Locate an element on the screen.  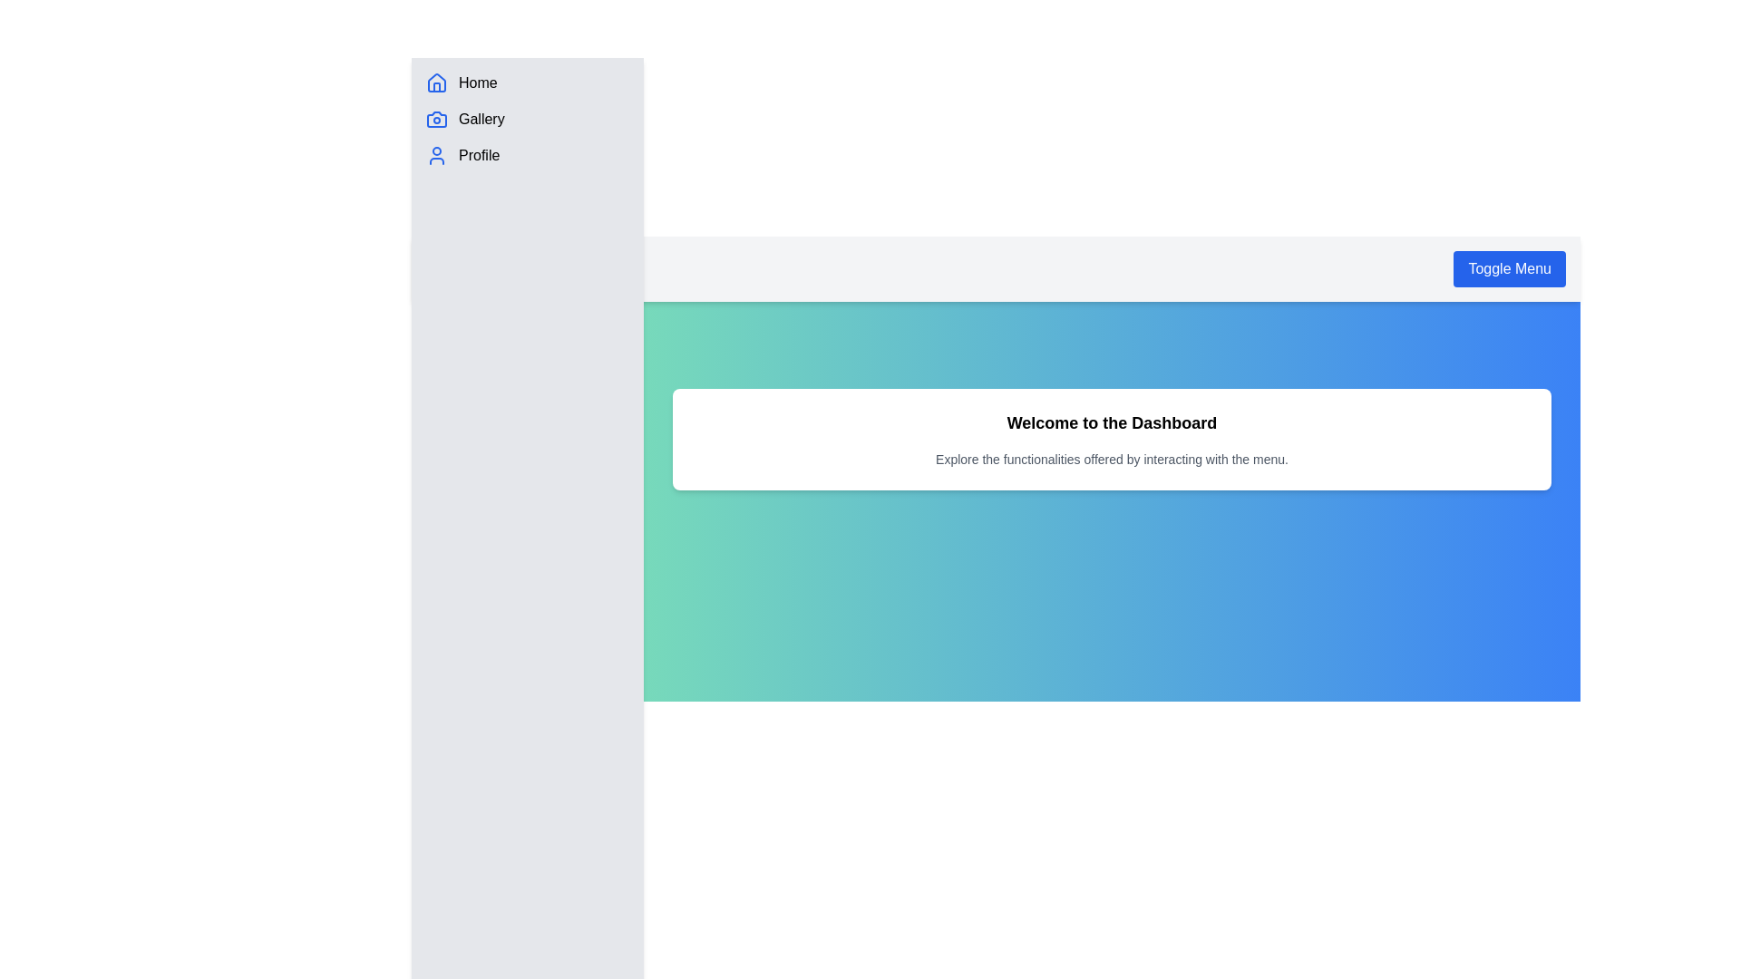
the second menu item in the sidebar is located at coordinates (526, 119).